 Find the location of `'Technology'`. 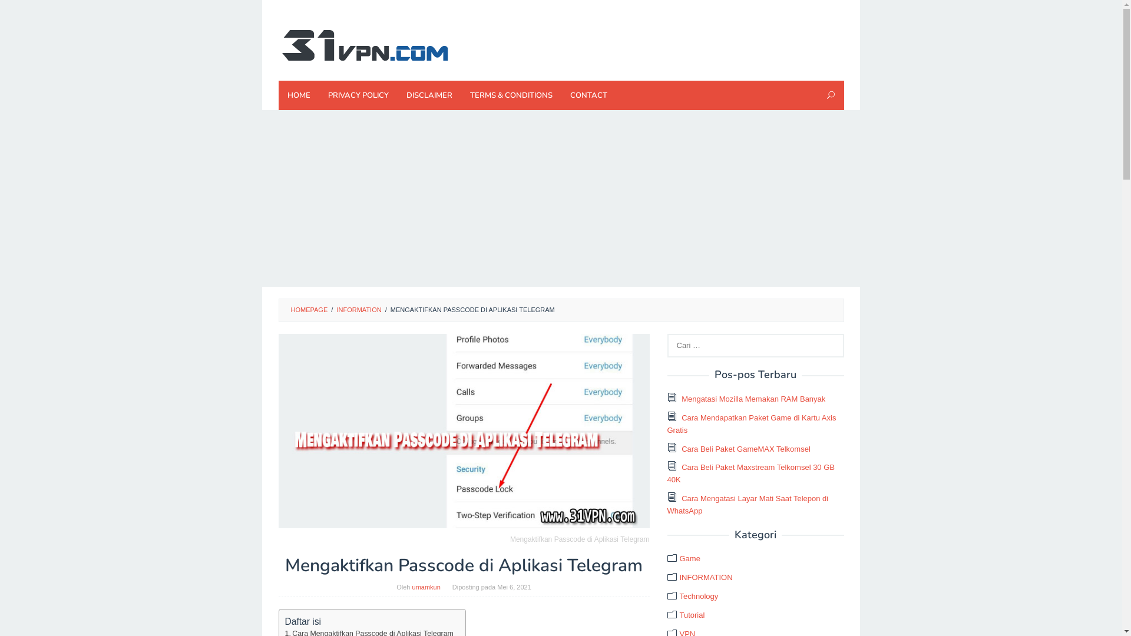

'Technology' is located at coordinates (699, 596).